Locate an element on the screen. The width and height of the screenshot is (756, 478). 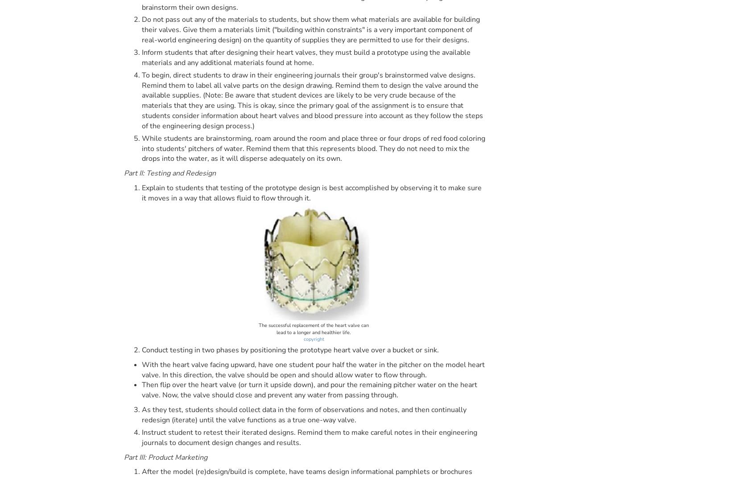
'Explain to students that testing of the prototype design is best accomplished by observing it to make sure it moves in a way that allows fluid to flow through it.' is located at coordinates (141, 192).